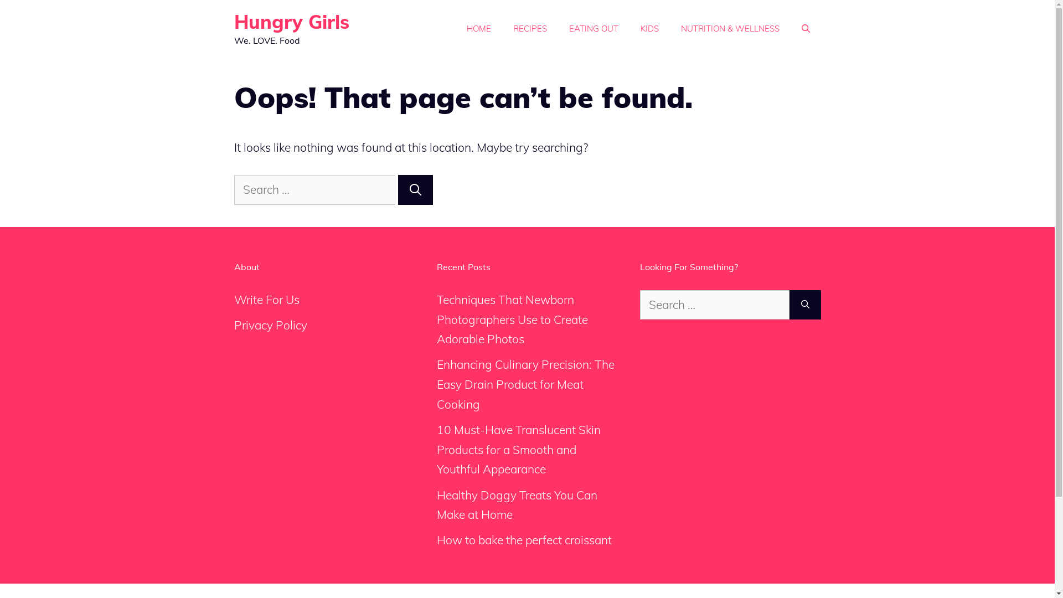 The image size is (1063, 598). I want to click on 'EATING OUT', so click(558, 28).